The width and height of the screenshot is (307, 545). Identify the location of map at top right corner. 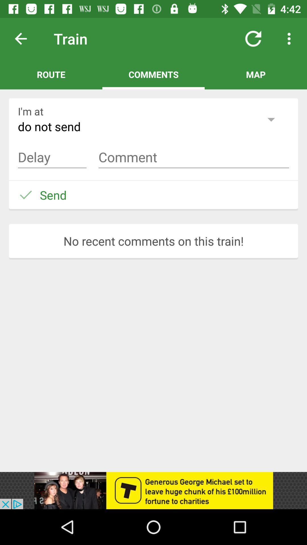
(255, 74).